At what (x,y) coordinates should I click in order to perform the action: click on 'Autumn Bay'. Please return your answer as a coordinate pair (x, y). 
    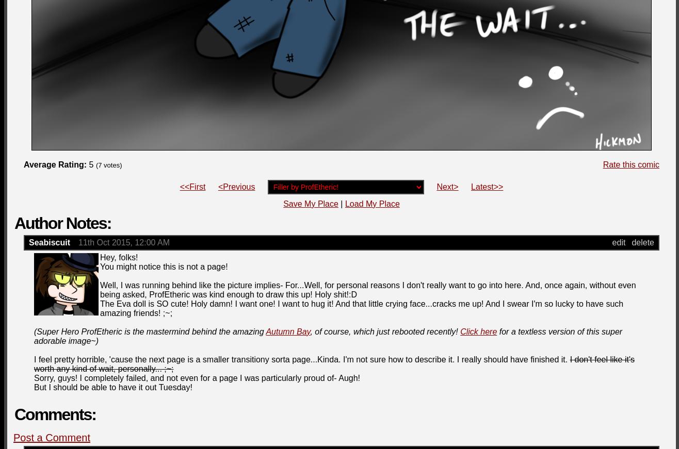
    Looking at the image, I should click on (287, 331).